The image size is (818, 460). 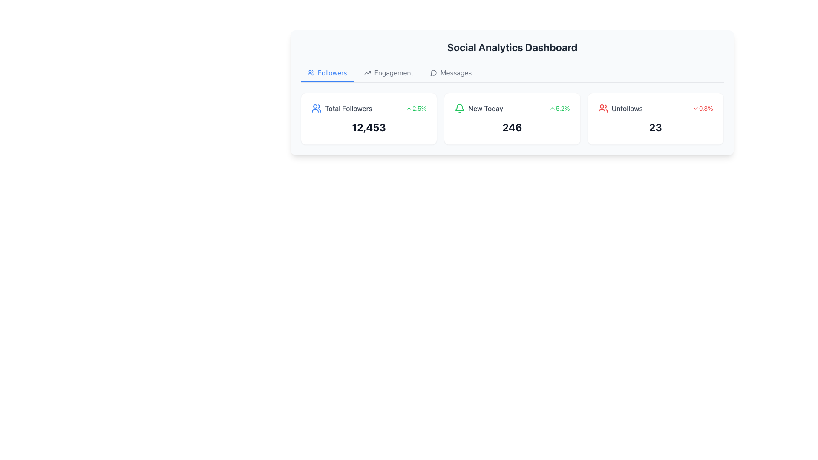 I want to click on the Label with icon that displays 'Total Followers' located in the top-left metrics card of the dashboard, which features a blue user icon on the left and gray text on the right, so click(x=342, y=108).